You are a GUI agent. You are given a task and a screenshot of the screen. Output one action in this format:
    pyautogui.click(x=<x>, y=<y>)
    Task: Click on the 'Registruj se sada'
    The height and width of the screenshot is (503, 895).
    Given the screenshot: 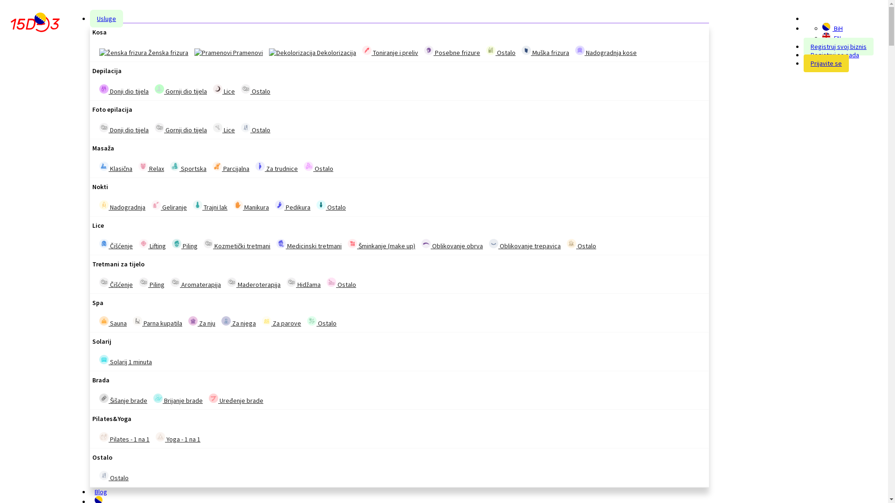 What is the action you would take?
    pyautogui.click(x=834, y=55)
    